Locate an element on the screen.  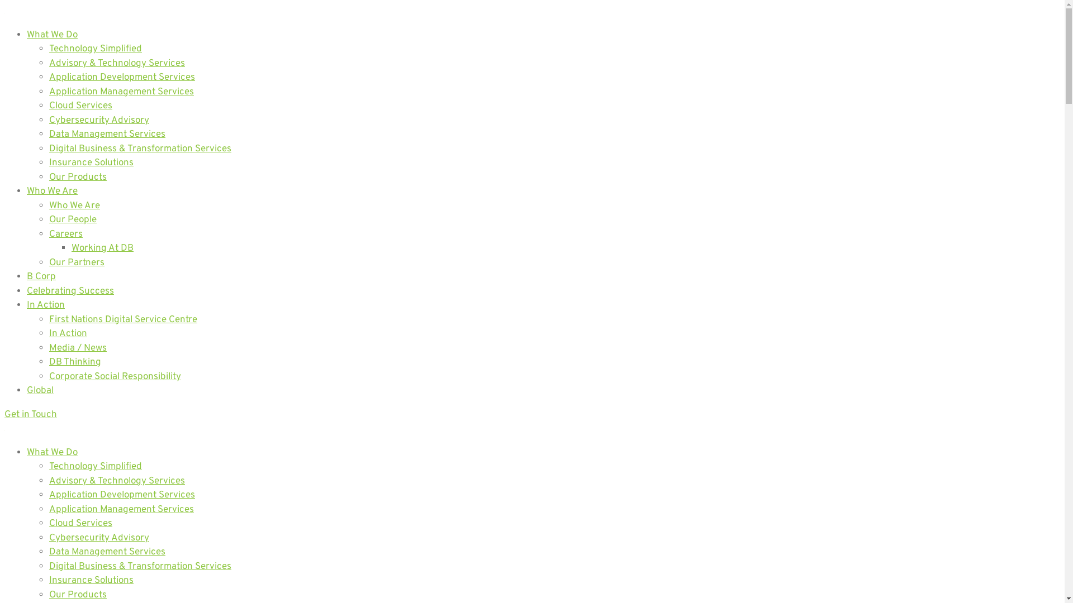
'Who We Are' is located at coordinates (48, 206).